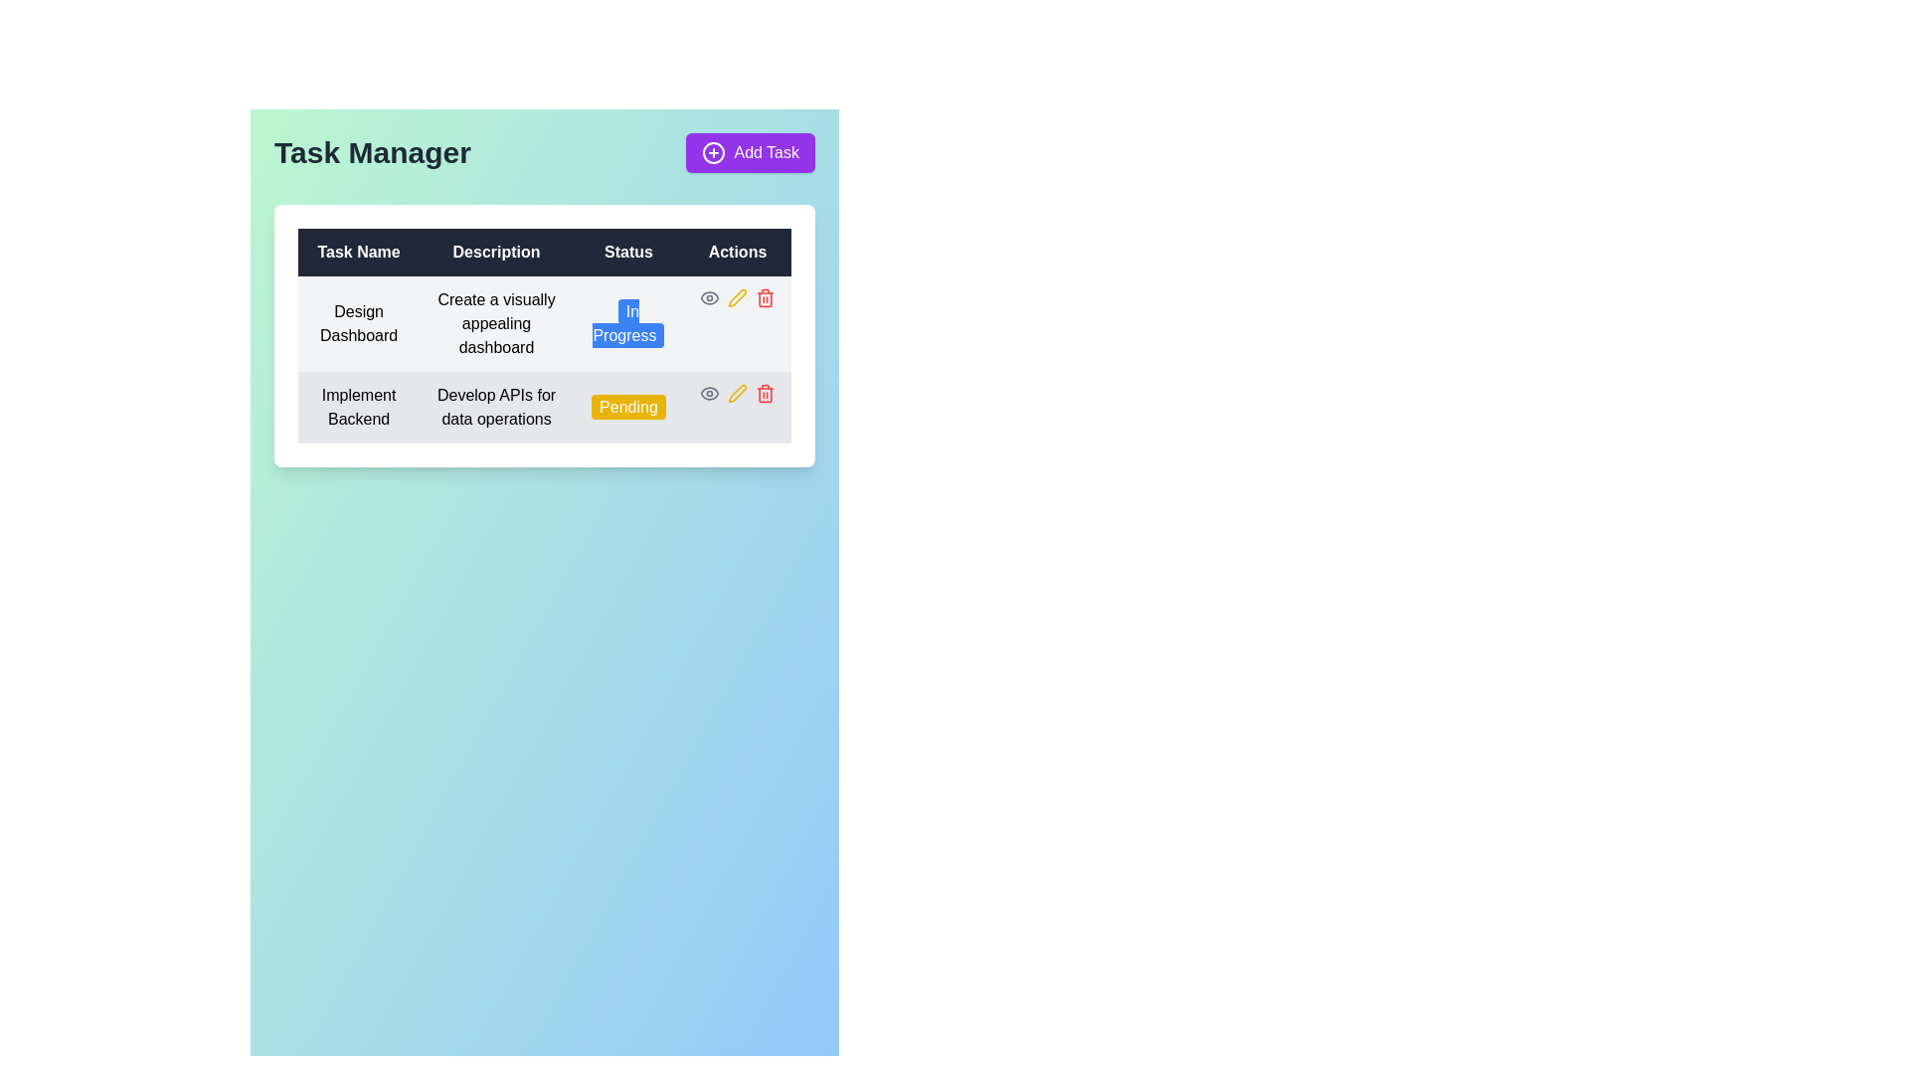 Image resolution: width=1909 pixels, height=1074 pixels. Describe the element at coordinates (764, 298) in the screenshot. I see `the red trash bin-shaped icon button located in the last row of the 'Actions' column` at that location.